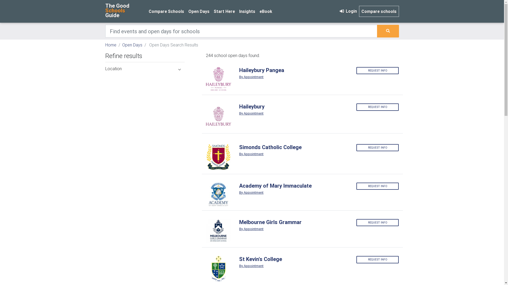  I want to click on 'REQUEST INFO', so click(377, 107).